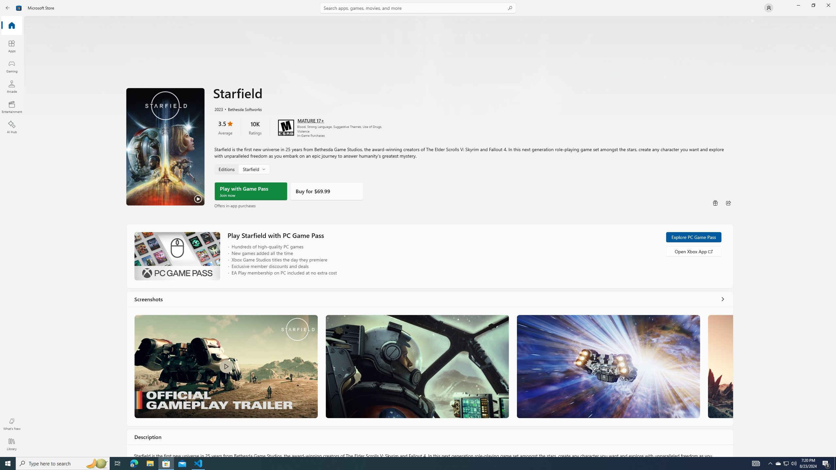 The width and height of the screenshot is (836, 470). Describe the element at coordinates (11, 66) in the screenshot. I see `'Gaming'` at that location.